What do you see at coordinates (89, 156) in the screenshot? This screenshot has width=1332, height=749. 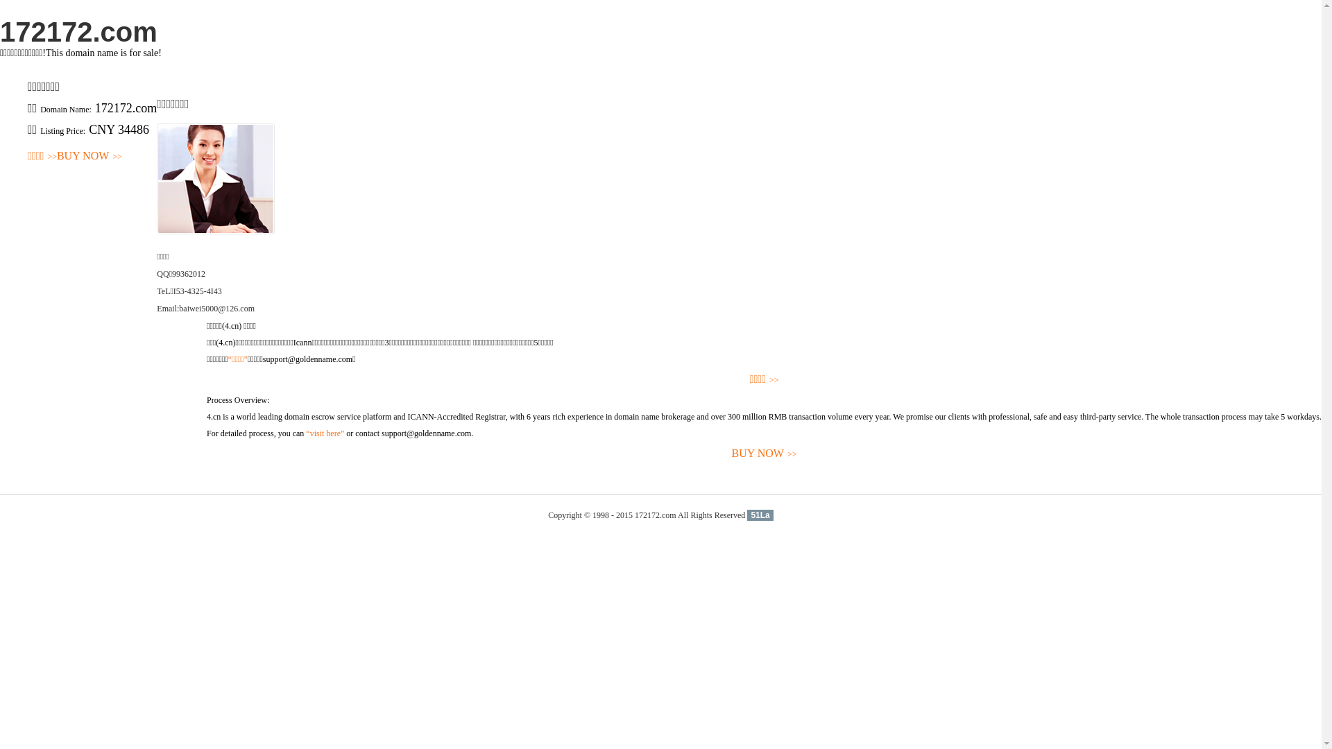 I see `'BUY NOW>>'` at bounding box center [89, 156].